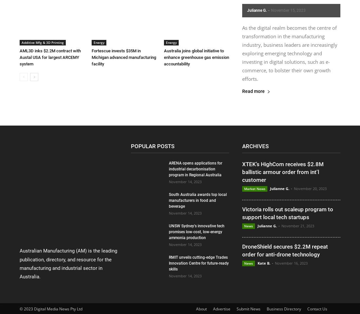 This screenshot has height=314, width=360. What do you see at coordinates (264, 263) in the screenshot?
I see `'Kate B.'` at bounding box center [264, 263].